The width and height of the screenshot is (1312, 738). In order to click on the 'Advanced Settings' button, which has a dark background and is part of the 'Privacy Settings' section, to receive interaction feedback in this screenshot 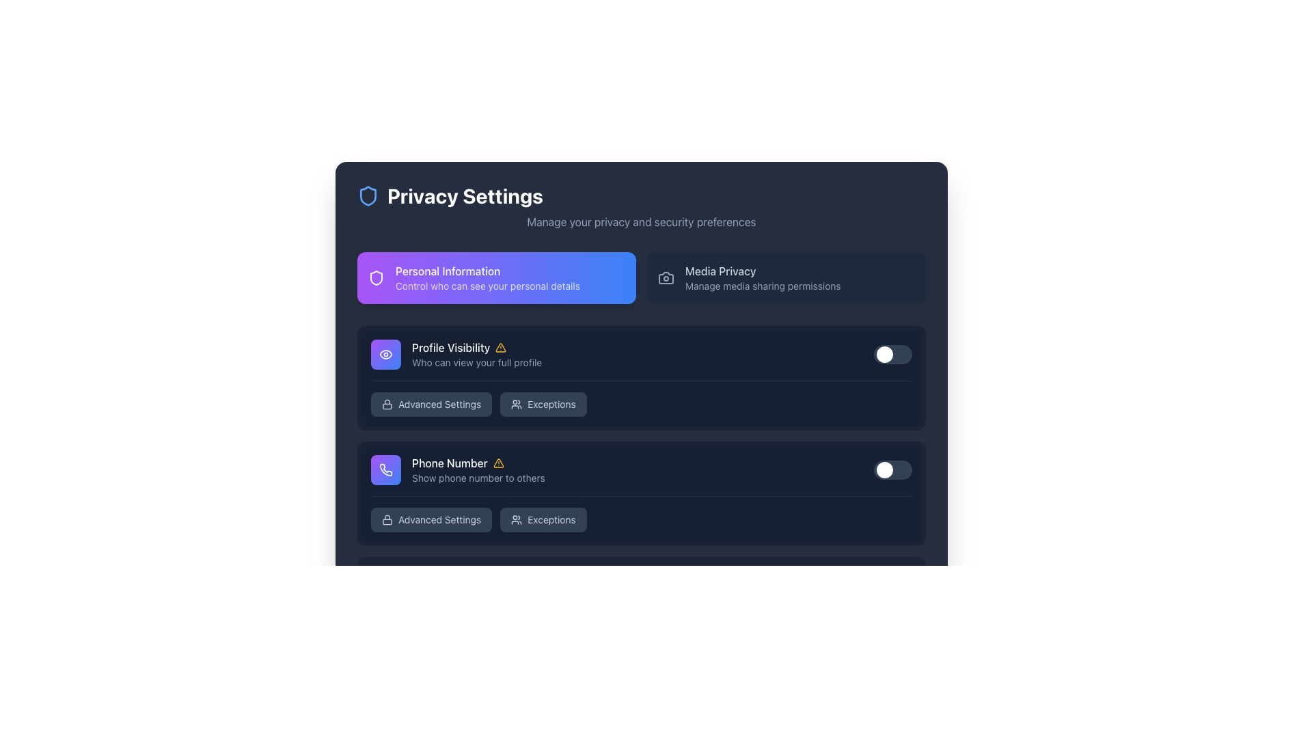, I will do `click(430, 403)`.